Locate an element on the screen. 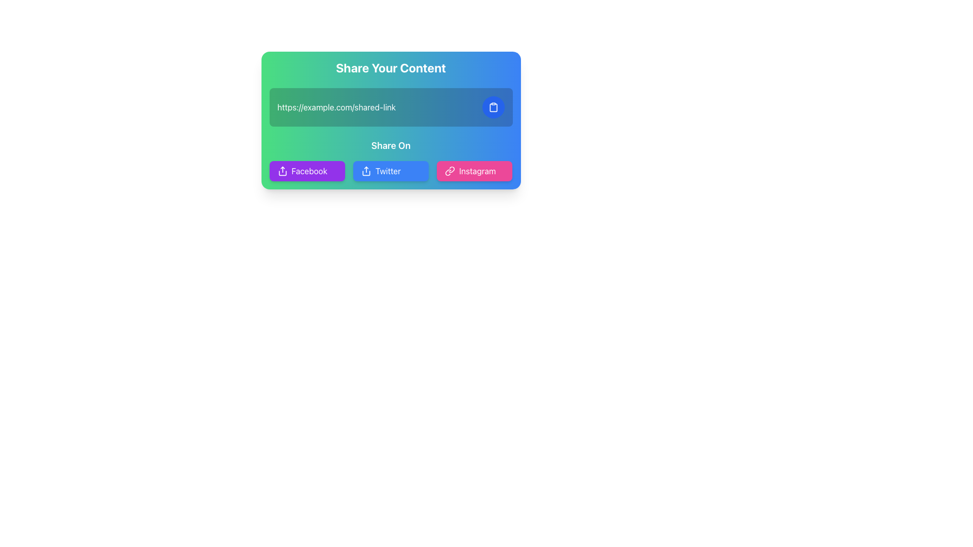  the 'Instagram' button, which is a pink rectangular button with rounded edges located in the lower section of the 'Share Your Content' card is located at coordinates (474, 171).